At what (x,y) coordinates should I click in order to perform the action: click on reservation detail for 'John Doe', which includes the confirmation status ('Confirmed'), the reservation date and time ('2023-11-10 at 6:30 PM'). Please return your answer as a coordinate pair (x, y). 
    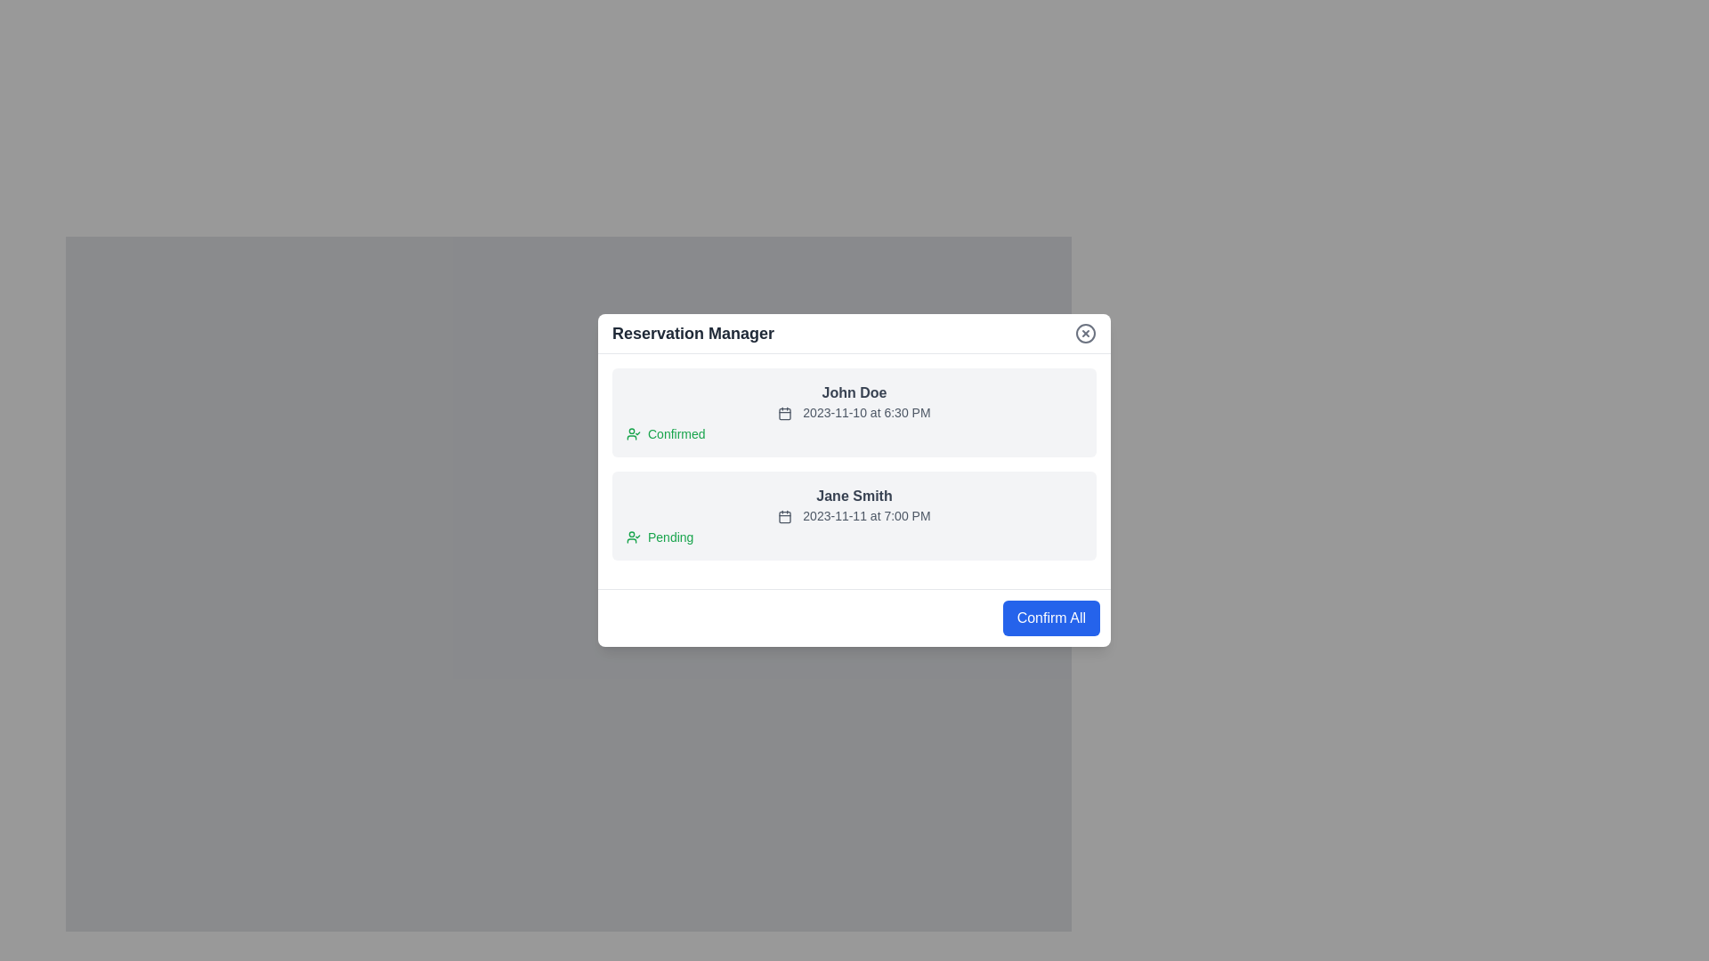
    Looking at the image, I should click on (854, 412).